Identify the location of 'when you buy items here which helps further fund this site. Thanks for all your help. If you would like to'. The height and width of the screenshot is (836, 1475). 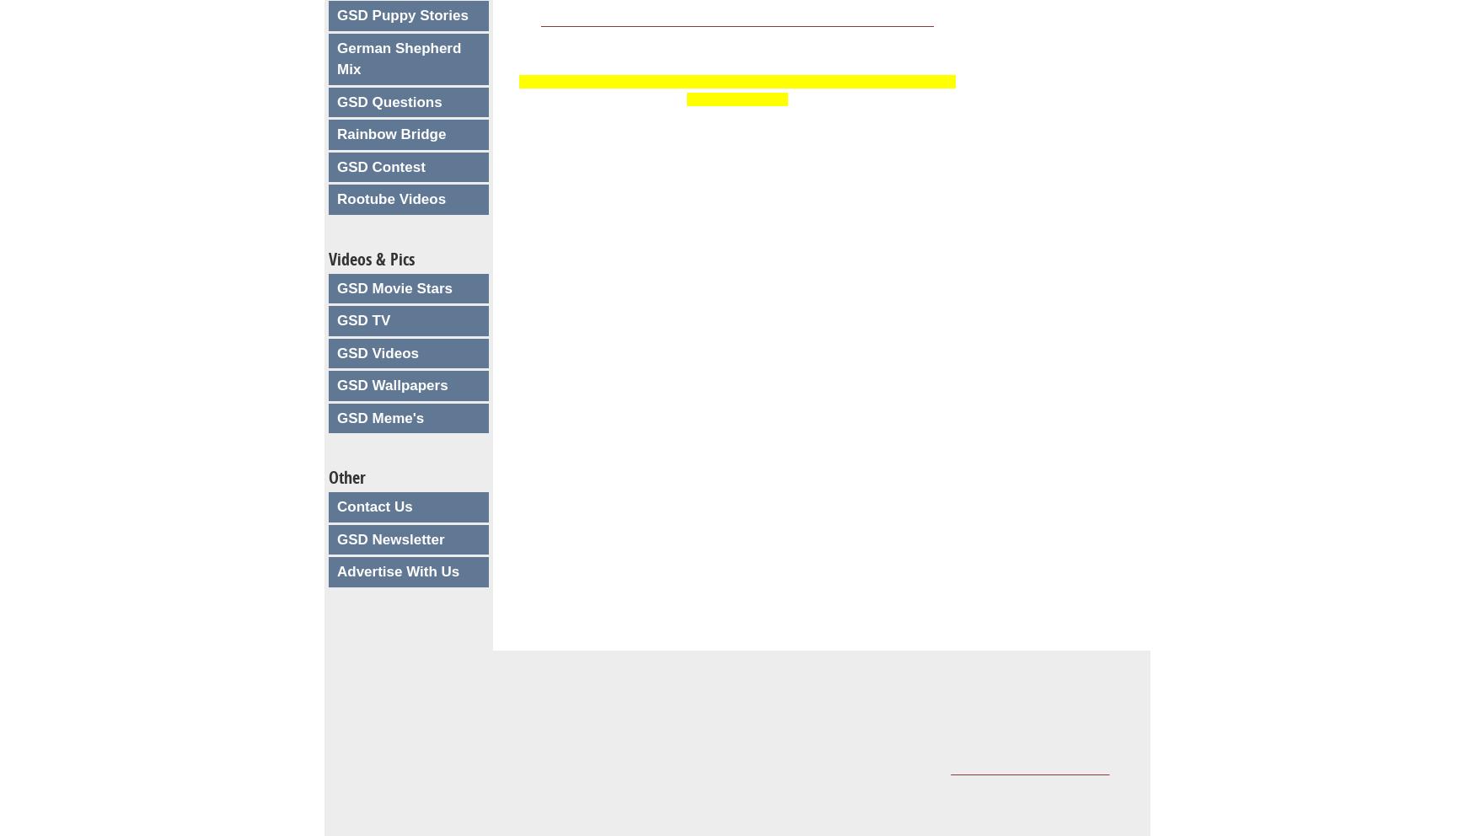
(657, 768).